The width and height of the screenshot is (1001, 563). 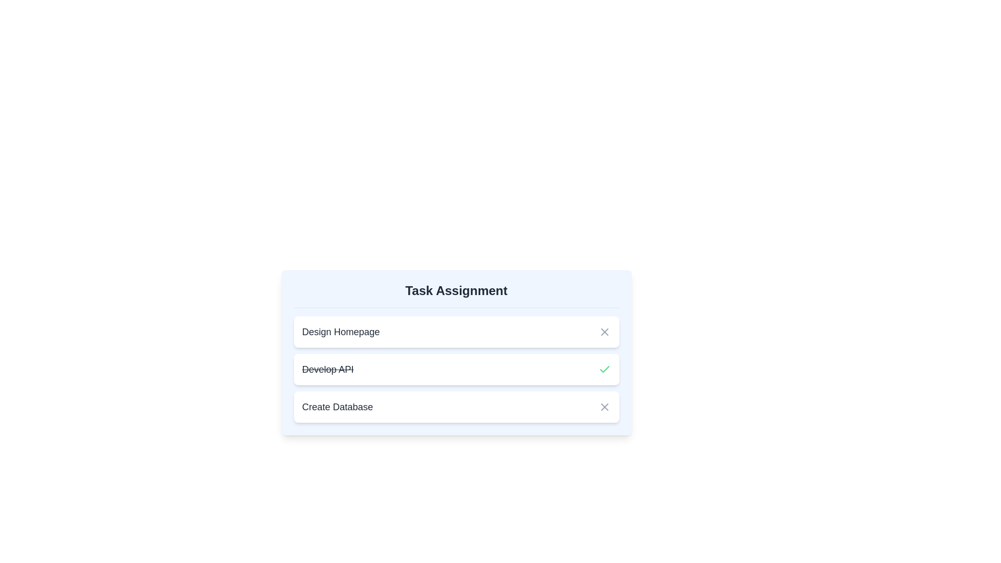 What do you see at coordinates (604, 406) in the screenshot?
I see `the 'X' icon located to the far right of the 'Create Database' task row` at bounding box center [604, 406].